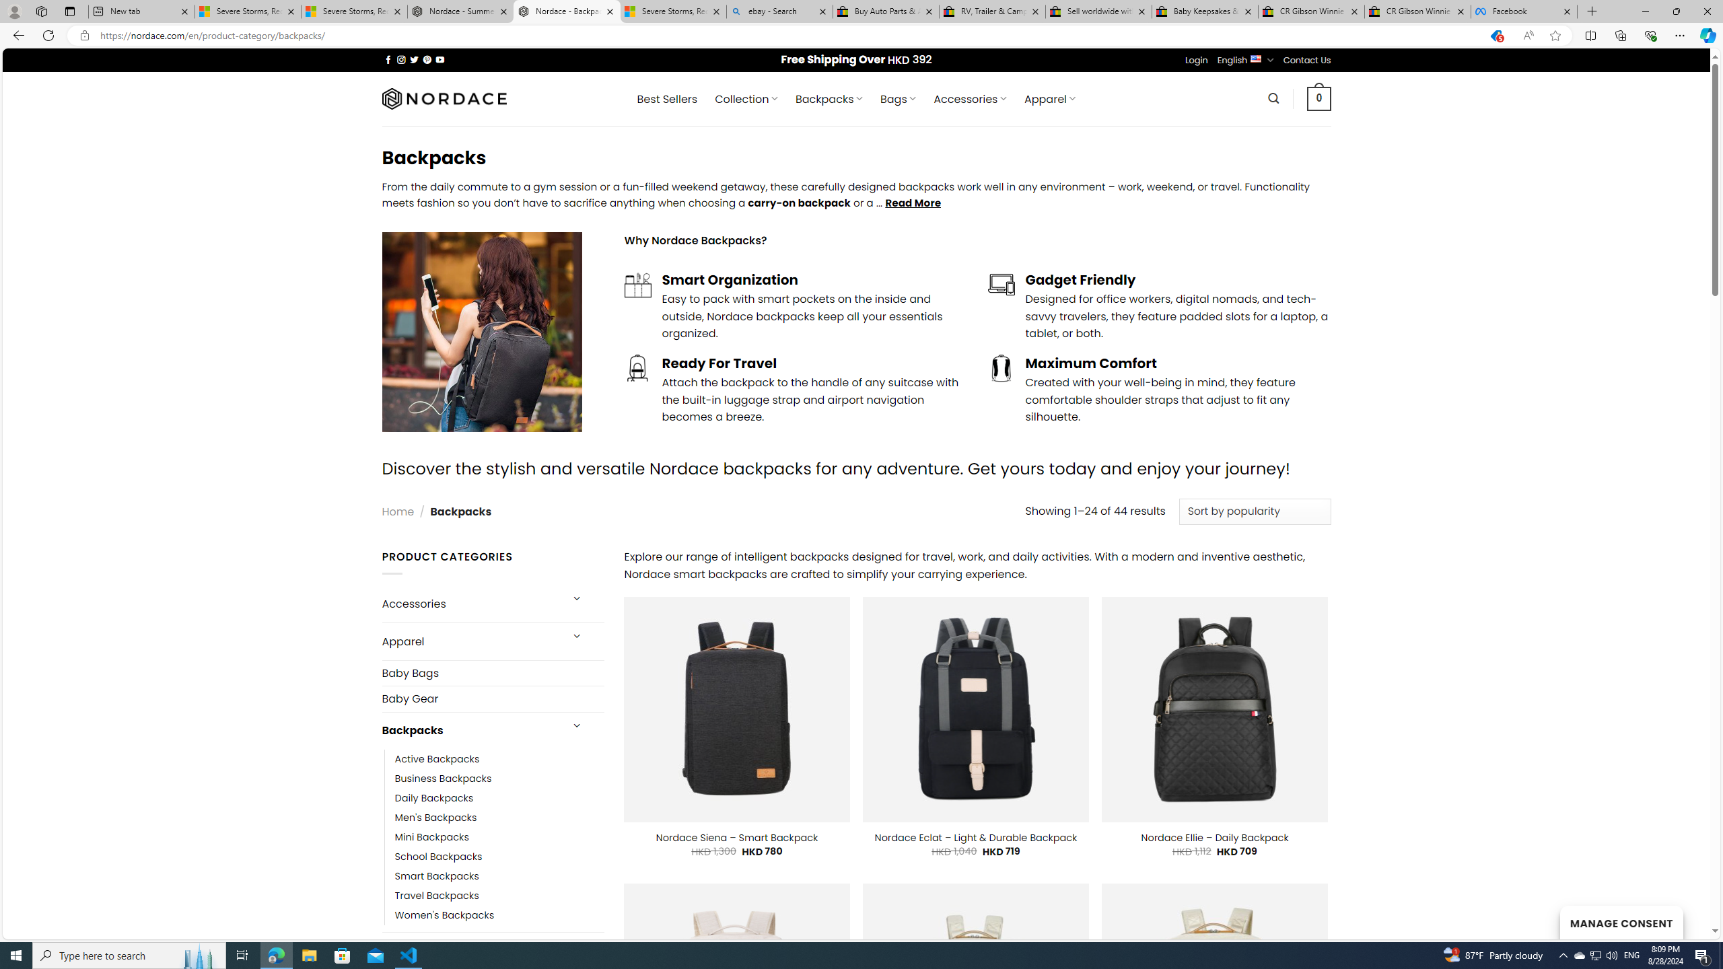 The height and width of the screenshot is (969, 1723). What do you see at coordinates (433, 797) in the screenshot?
I see `'Daily Backpacks'` at bounding box center [433, 797].